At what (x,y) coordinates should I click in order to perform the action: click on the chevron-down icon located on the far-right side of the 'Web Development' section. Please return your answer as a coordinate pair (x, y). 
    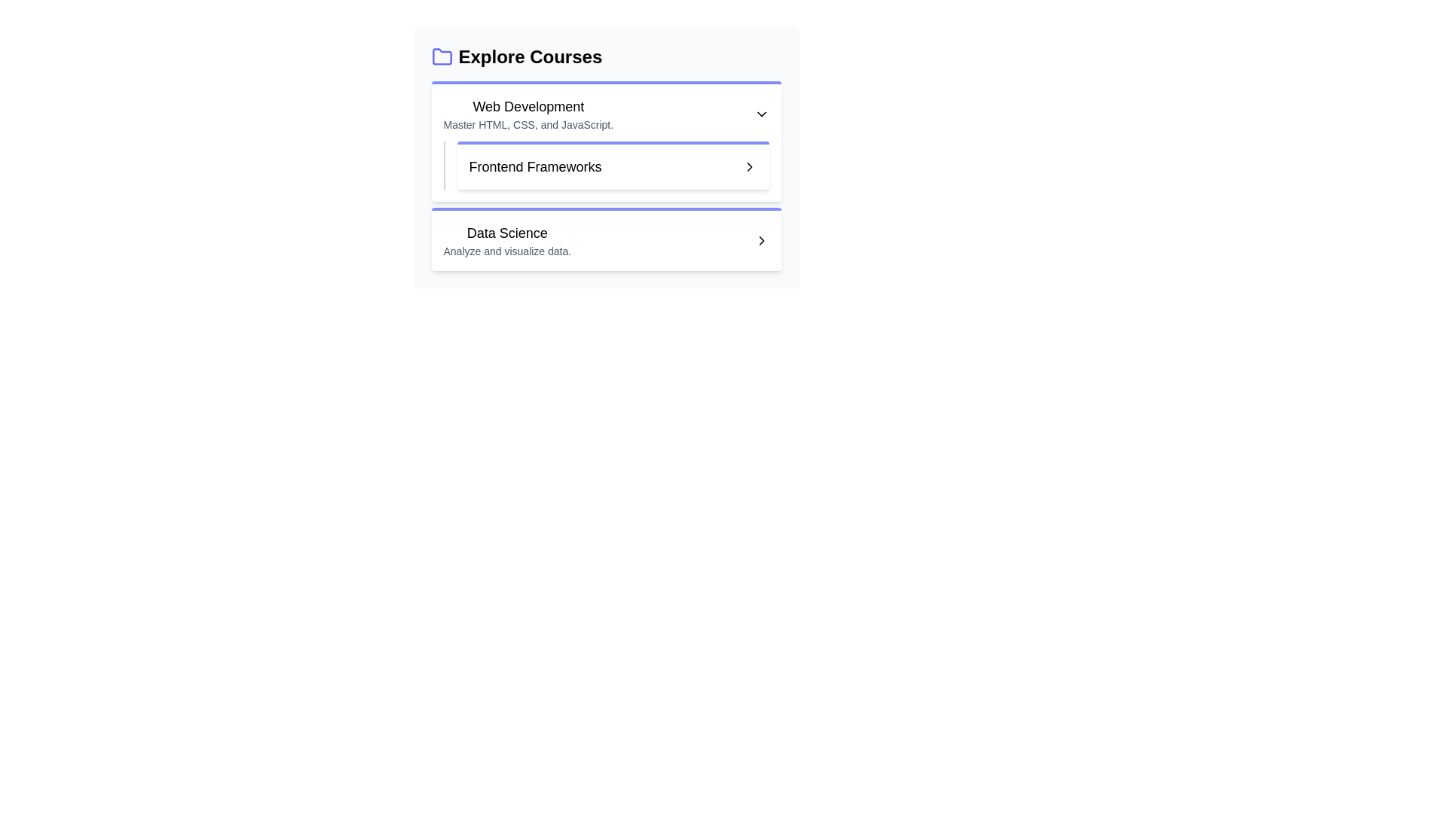
    Looking at the image, I should click on (761, 113).